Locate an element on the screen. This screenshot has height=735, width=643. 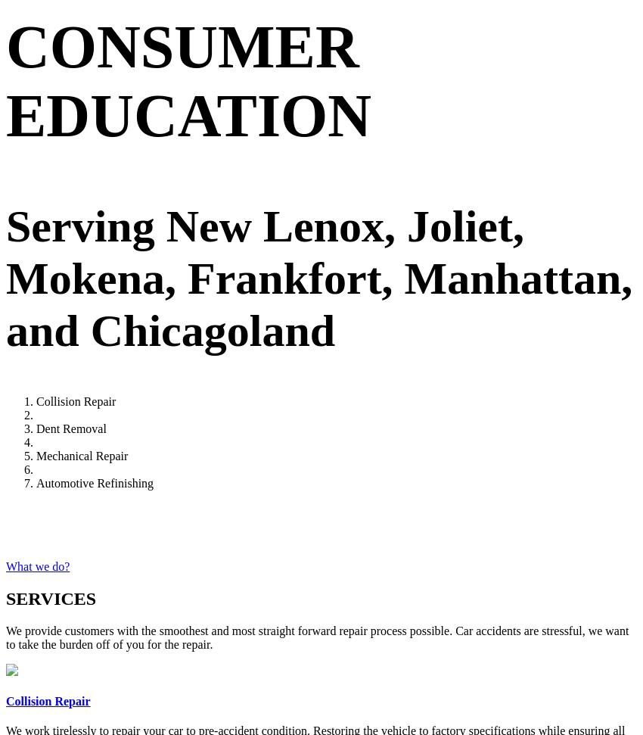
'Automotive Refinishing' is located at coordinates (94, 482).